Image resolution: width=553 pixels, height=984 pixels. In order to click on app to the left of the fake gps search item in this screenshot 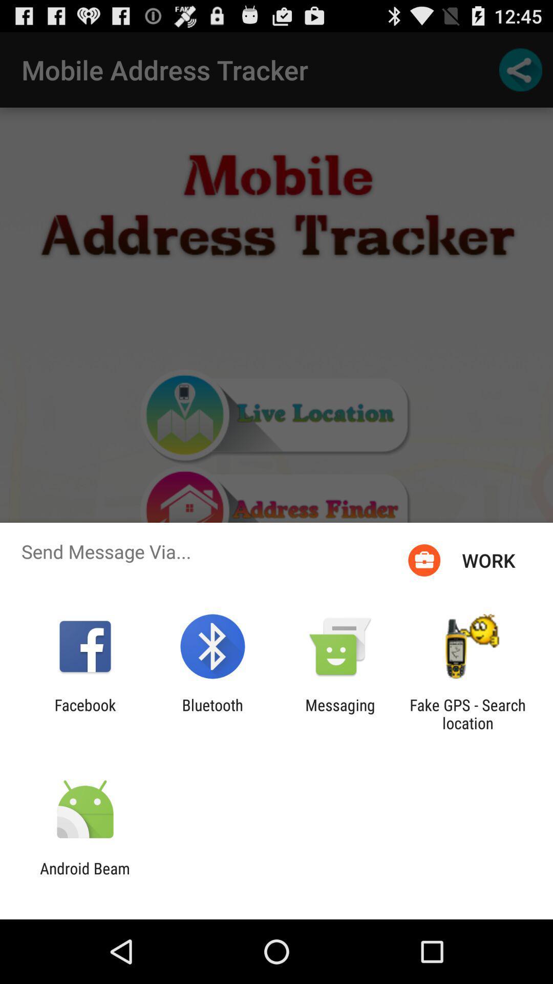, I will do `click(340, 713)`.